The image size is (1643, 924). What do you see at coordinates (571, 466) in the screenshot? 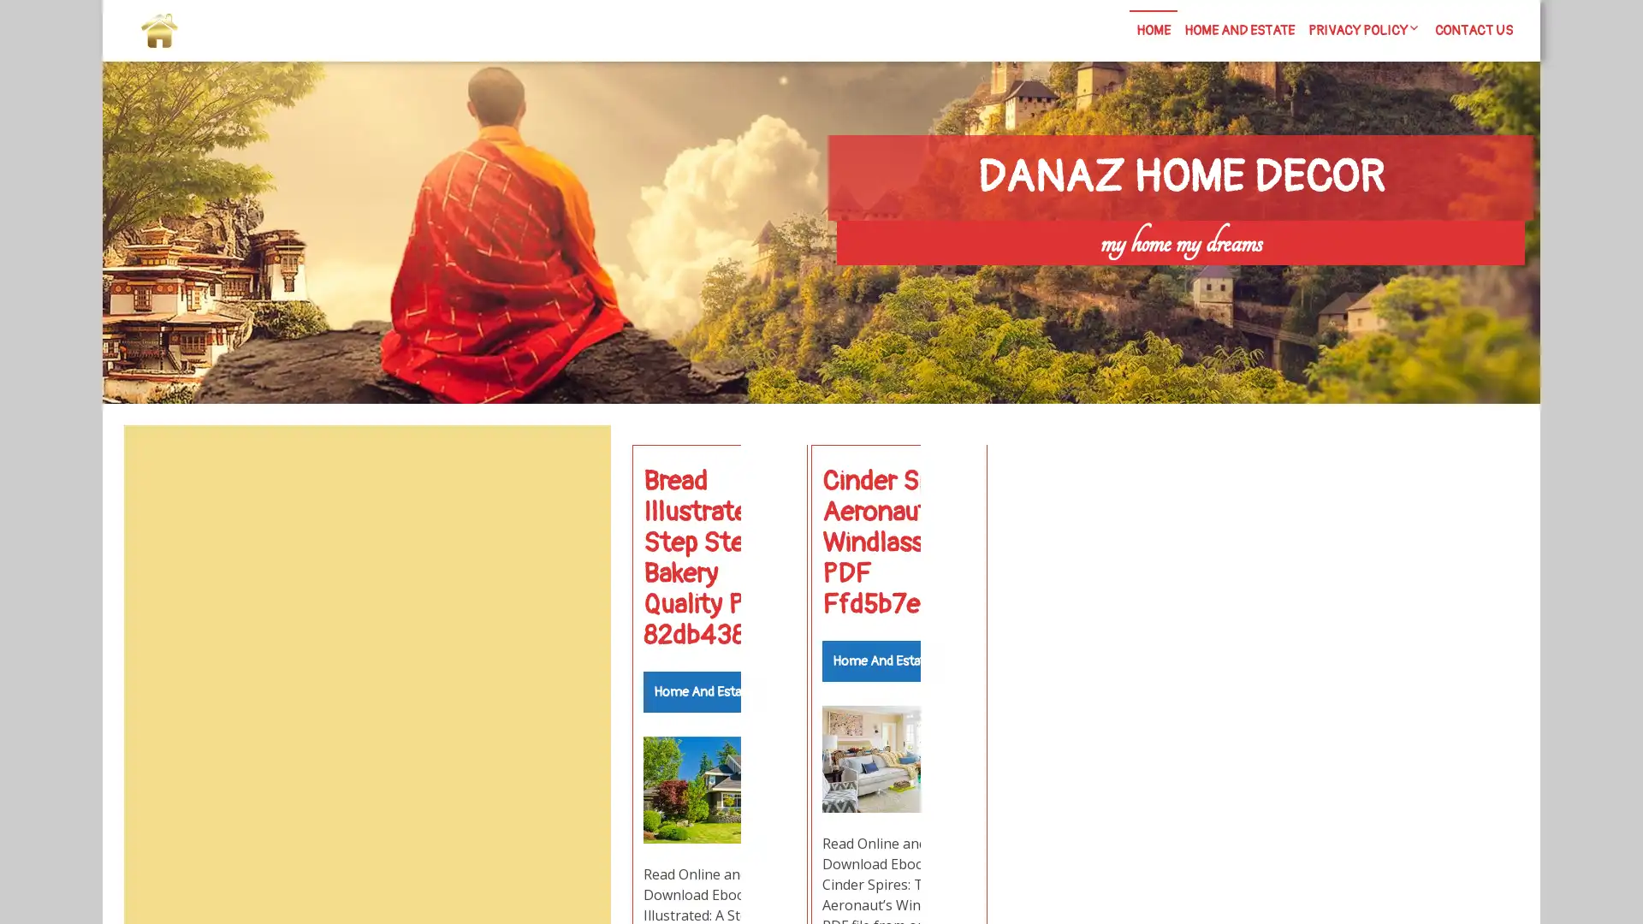
I see `Search` at bounding box center [571, 466].